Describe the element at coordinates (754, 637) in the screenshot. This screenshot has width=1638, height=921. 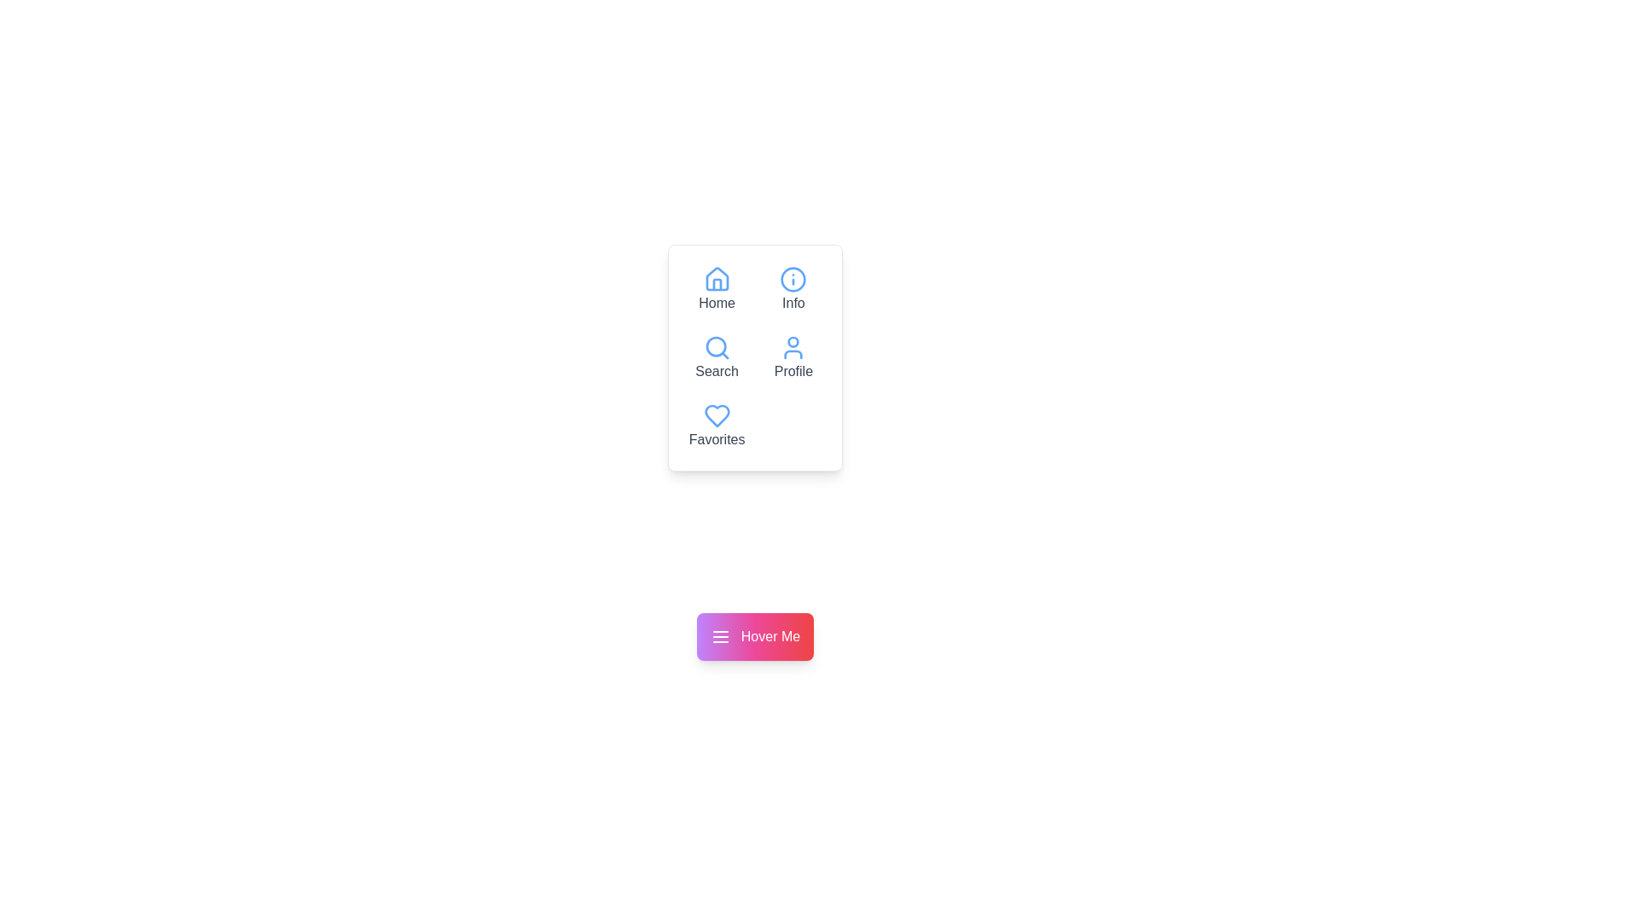
I see `the rectangular button labeled 'Hover Me' with a three-bar icon on the left to change its appearance` at that location.